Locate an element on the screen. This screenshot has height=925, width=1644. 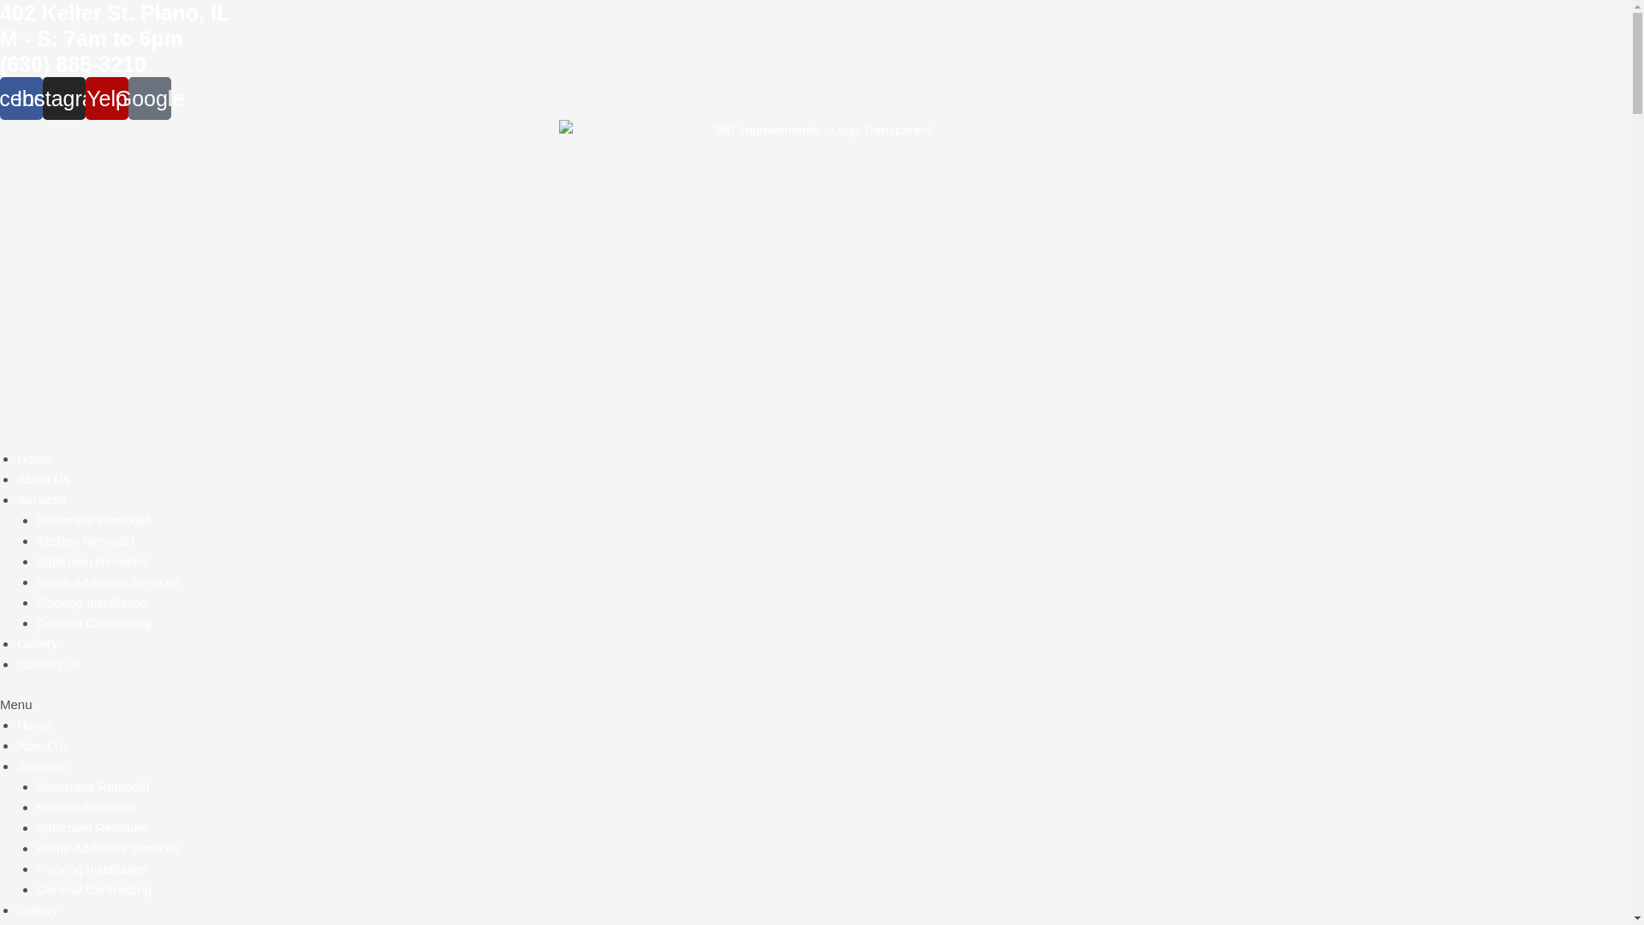
'Kitchen Remodel' is located at coordinates (84, 807).